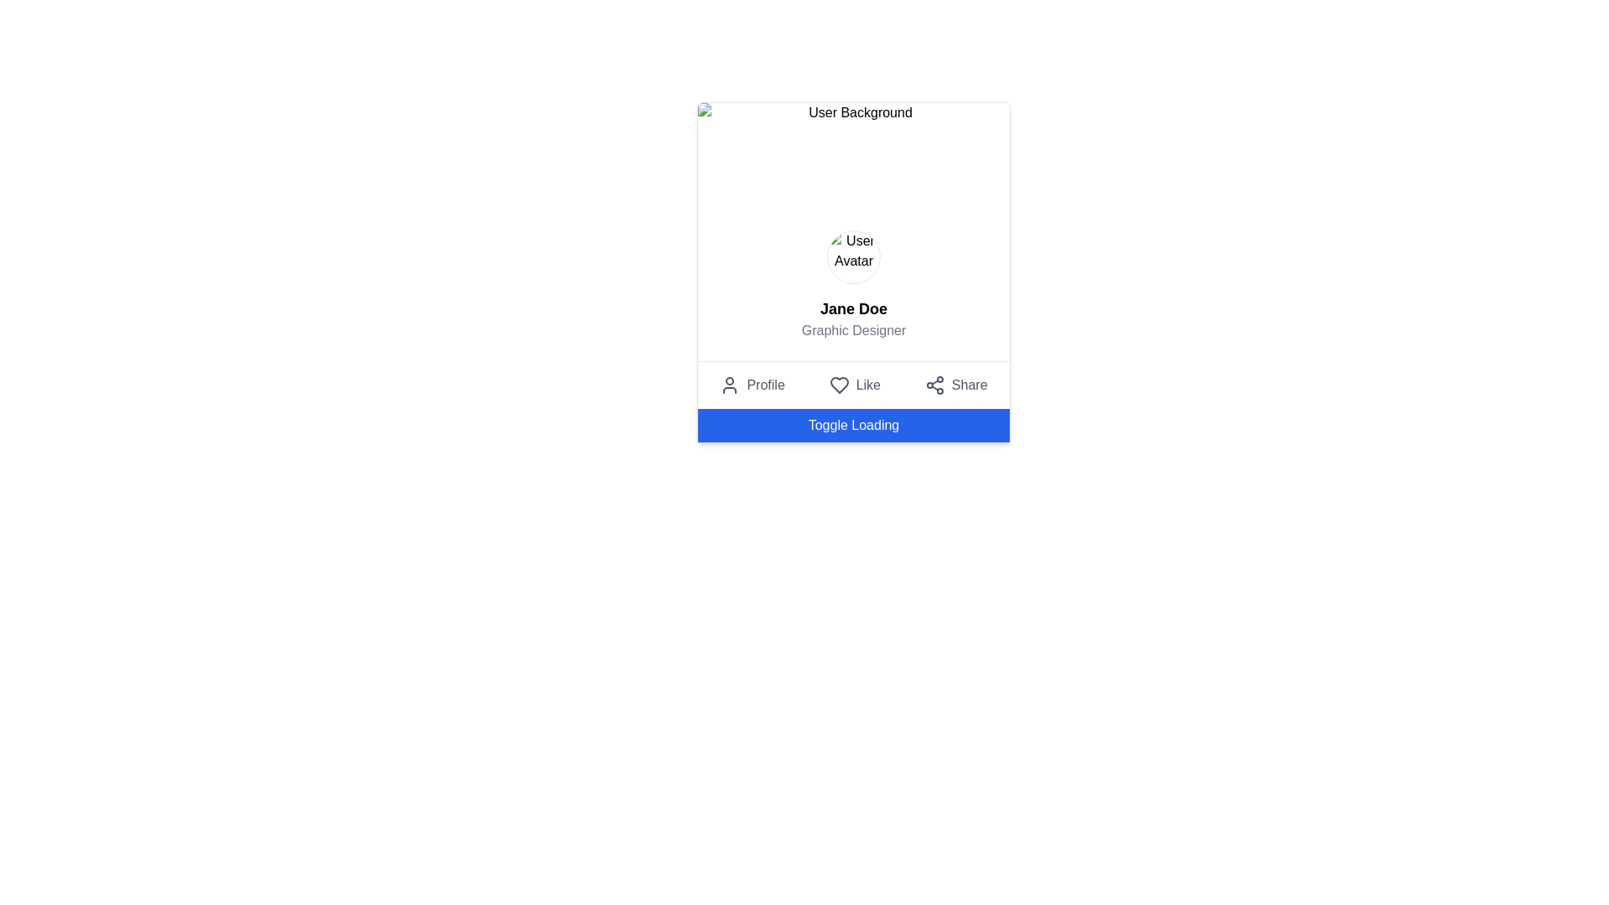 This screenshot has height=905, width=1609. Describe the element at coordinates (765, 385) in the screenshot. I see `the 'Profile' text label element, which is styled in gray and located at the bottom left section of the layout, indicating user information or settings` at that location.